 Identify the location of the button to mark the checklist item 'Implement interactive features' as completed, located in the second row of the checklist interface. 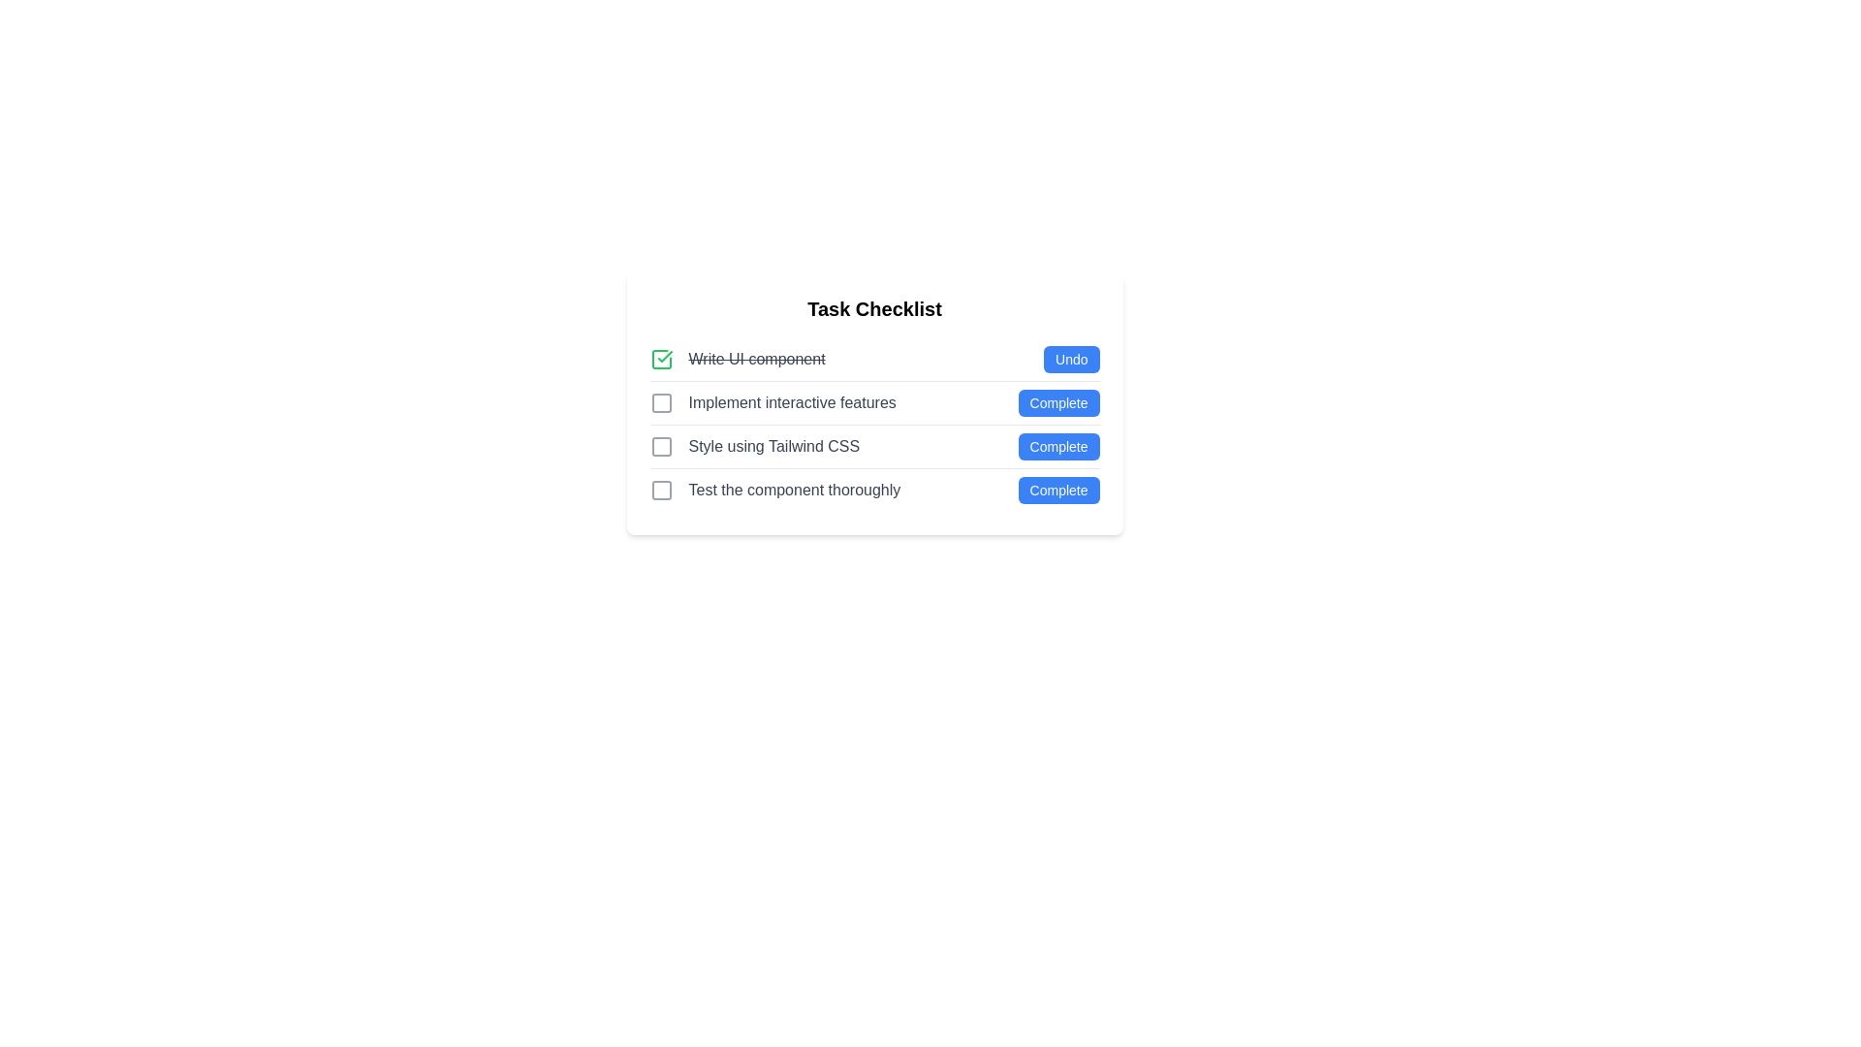
(1057, 402).